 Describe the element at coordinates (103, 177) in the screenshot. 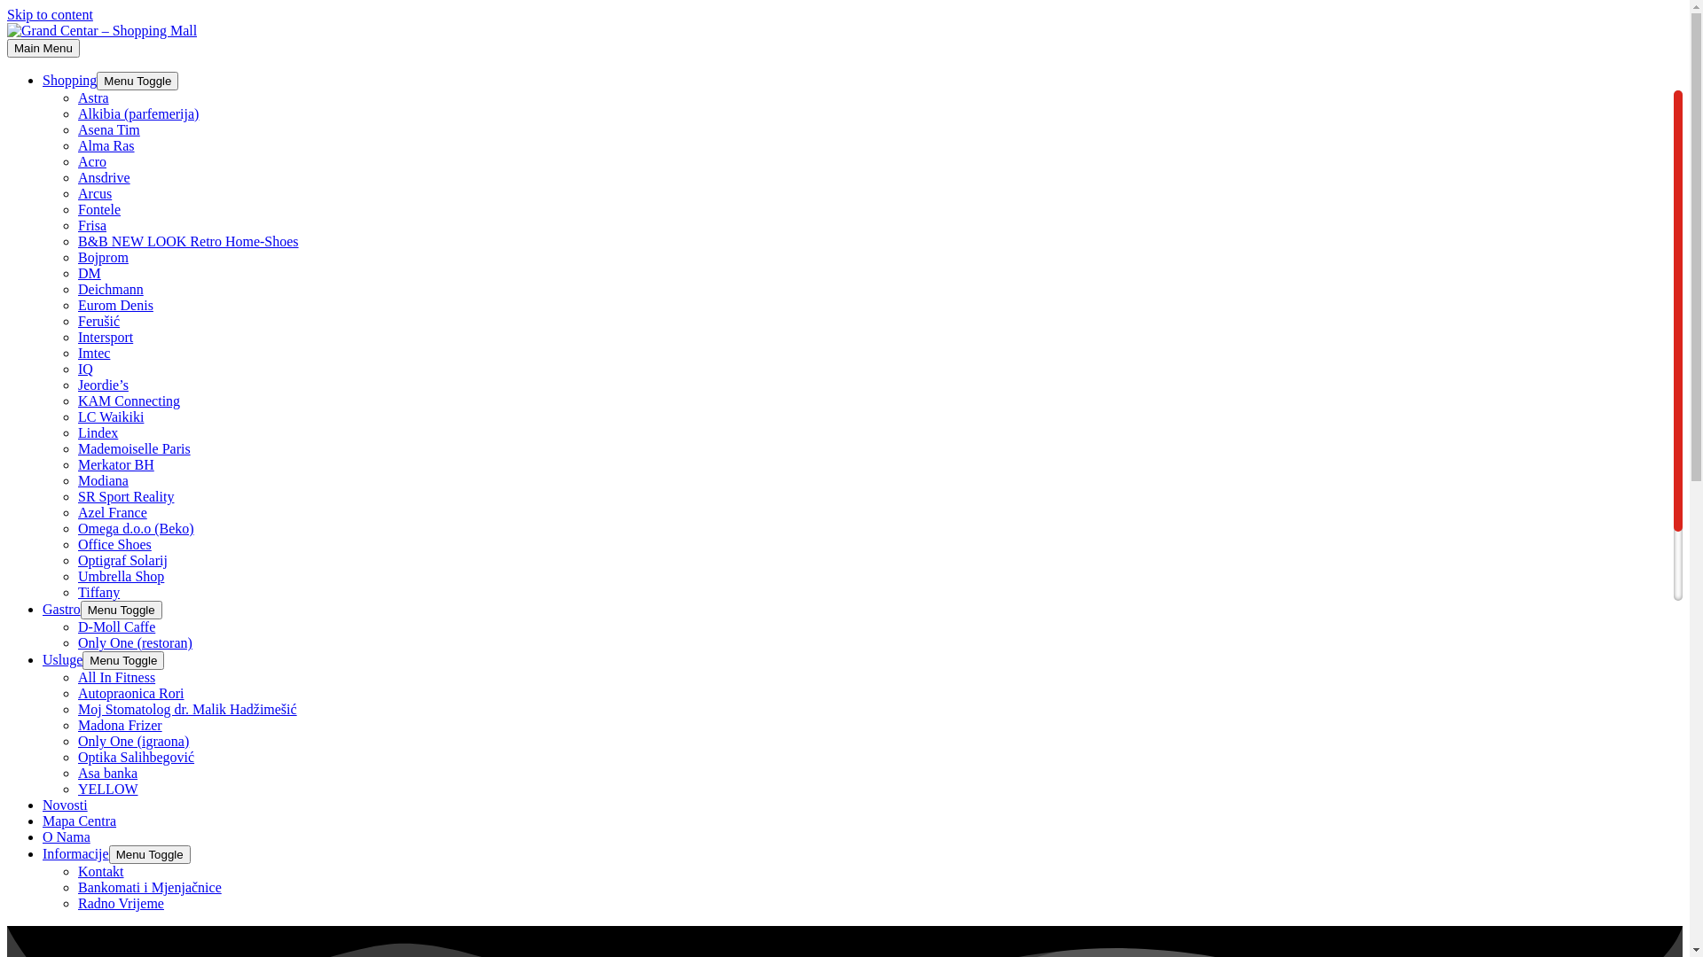

I see `'Ansdrive'` at that location.